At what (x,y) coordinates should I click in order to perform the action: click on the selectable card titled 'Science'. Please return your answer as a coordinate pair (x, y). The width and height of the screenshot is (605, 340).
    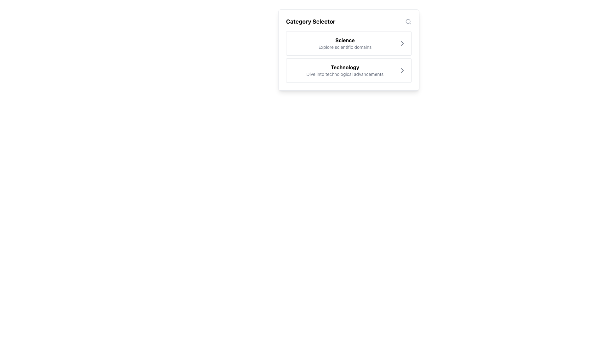
    Looking at the image, I should click on (349, 43).